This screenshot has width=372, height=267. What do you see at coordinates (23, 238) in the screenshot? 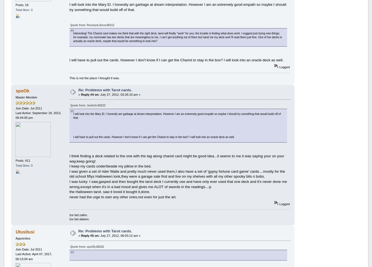
I see `'Apprentice'` at bounding box center [23, 238].